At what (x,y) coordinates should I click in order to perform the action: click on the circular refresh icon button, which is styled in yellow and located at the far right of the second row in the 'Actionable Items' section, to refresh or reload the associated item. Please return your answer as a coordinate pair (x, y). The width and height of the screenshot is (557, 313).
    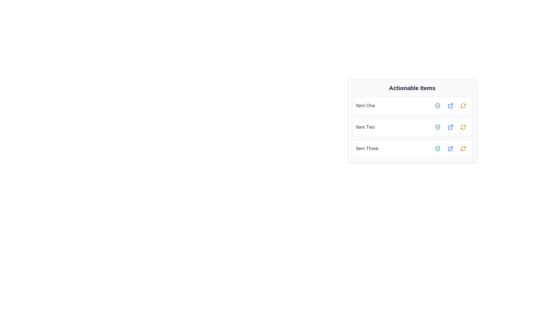
    Looking at the image, I should click on (463, 127).